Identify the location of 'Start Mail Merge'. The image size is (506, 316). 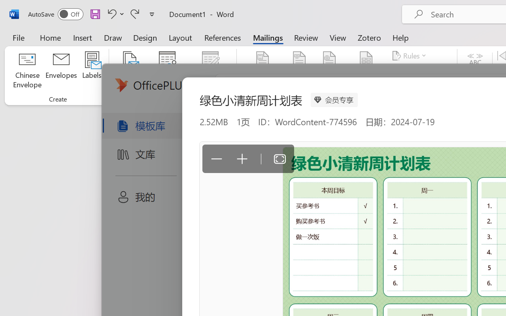
(130, 71).